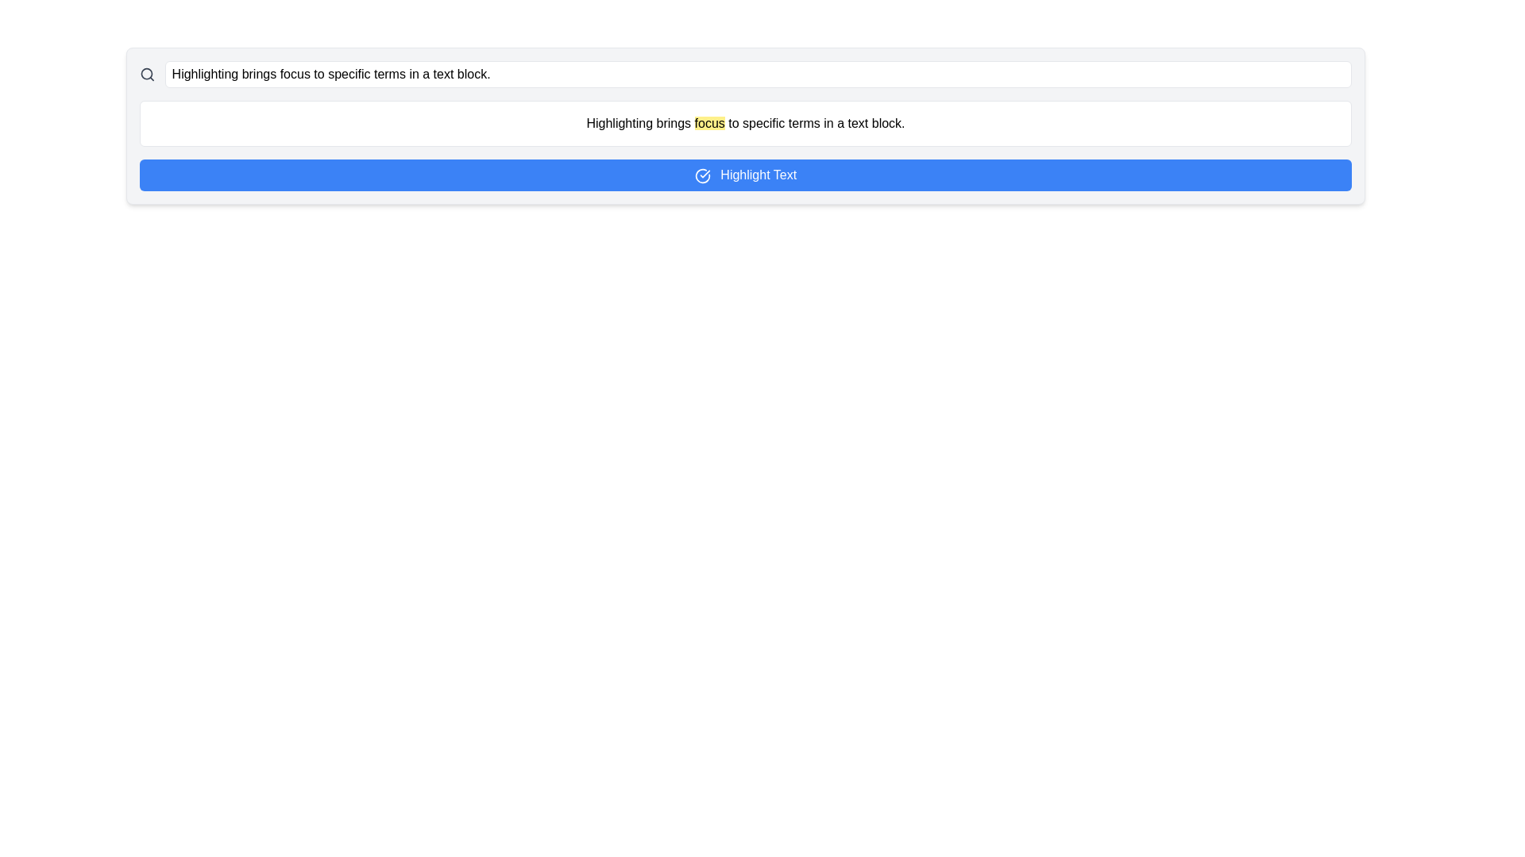  Describe the element at coordinates (745, 122) in the screenshot. I see `the highlighted term in the Informational Text Block located below the search bar and above the 'Highlight Text' button` at that location.